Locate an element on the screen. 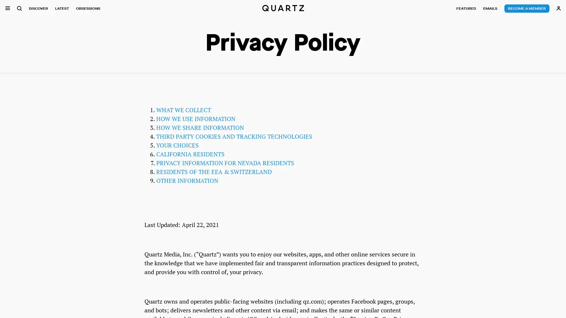 The image size is (566, 318). Toggle menu is located at coordinates (7, 8).